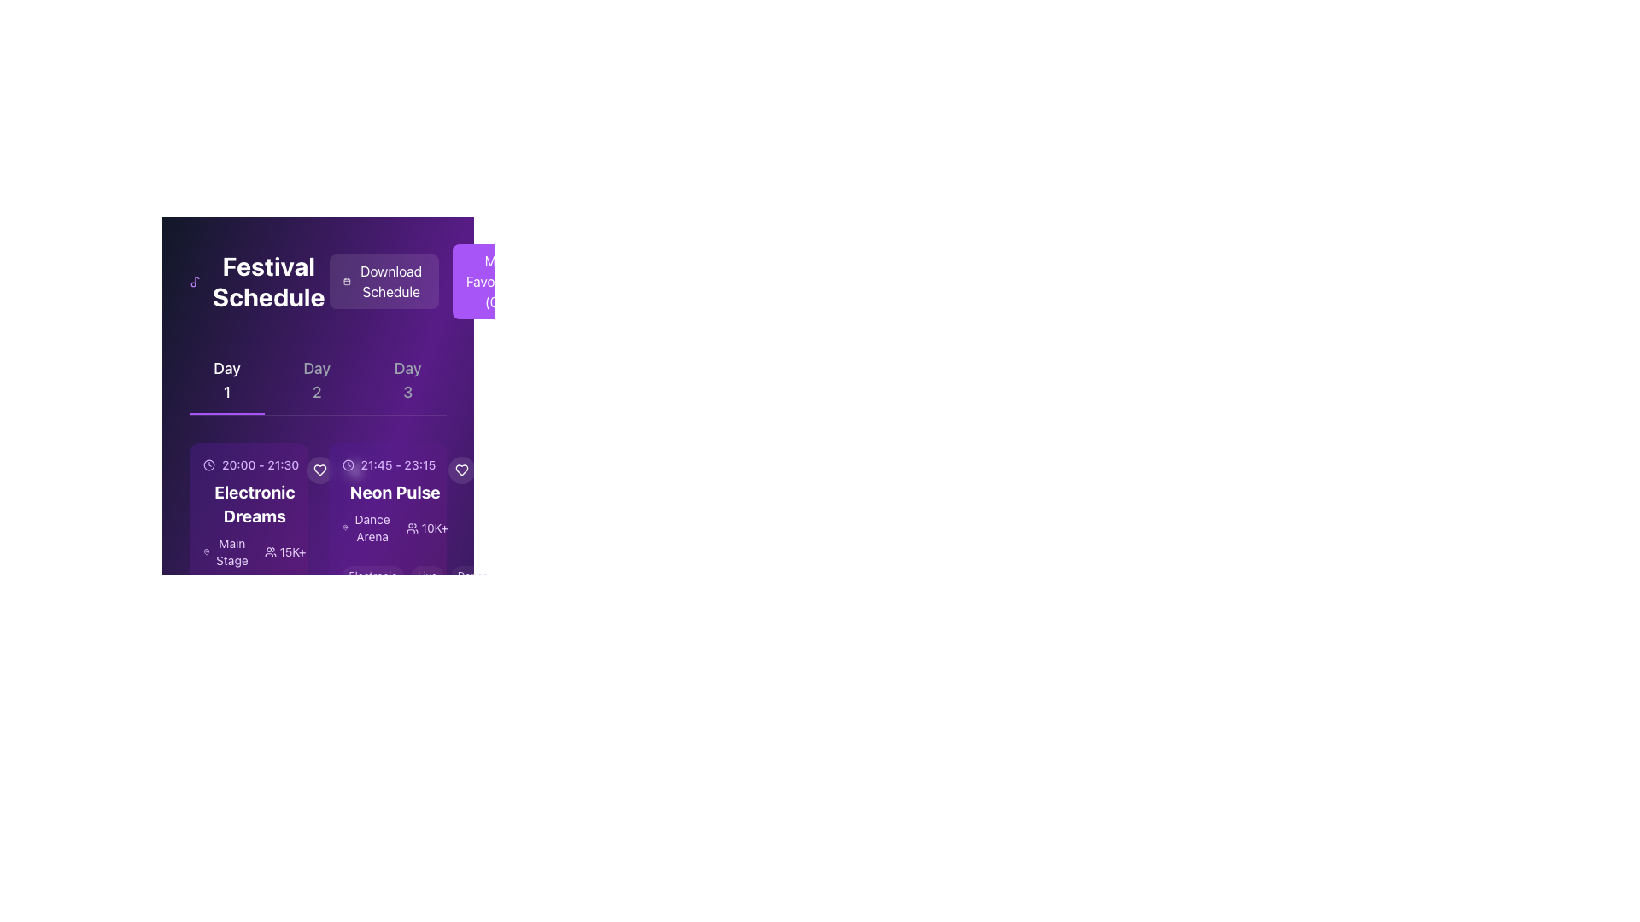  I want to click on the first category tag element labeled 'Electronic' located beneath the event details for 'Electronic Dreams', so click(233, 766).